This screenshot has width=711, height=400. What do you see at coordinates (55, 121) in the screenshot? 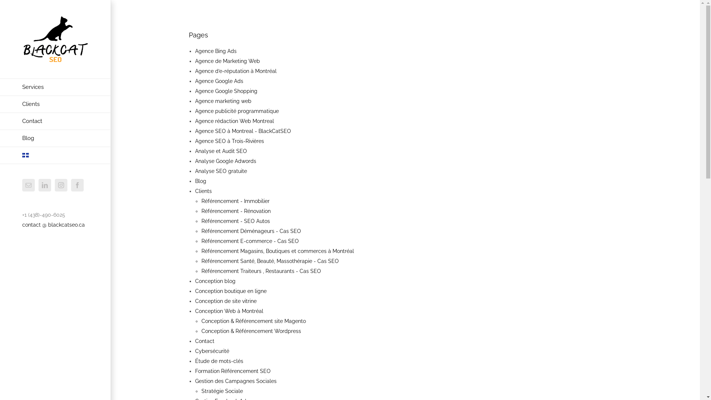
I see `'Contact'` at bounding box center [55, 121].